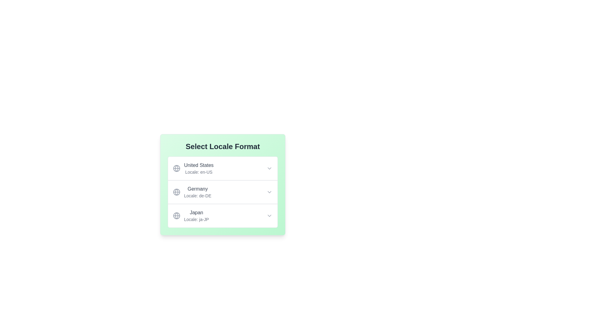 This screenshot has height=332, width=590. What do you see at coordinates (222, 168) in the screenshot?
I see `the first list item displaying 'United States' with the subtitle 'Locale: en-US'` at bounding box center [222, 168].